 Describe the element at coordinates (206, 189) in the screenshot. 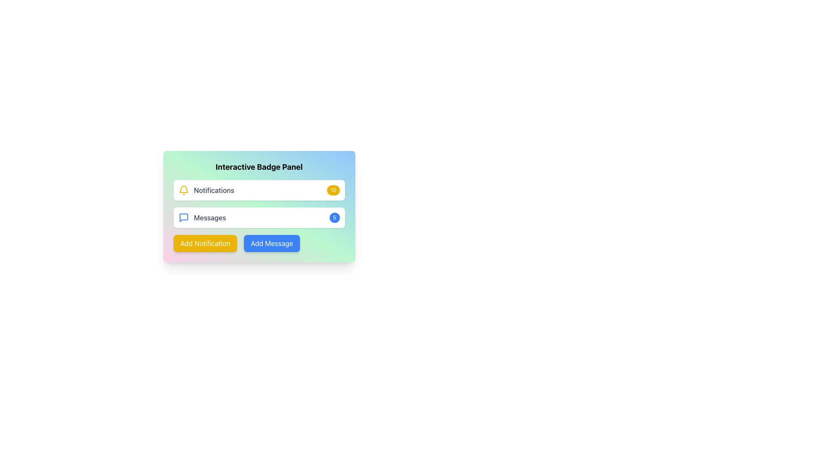

I see `the notification title label that displays a bell icon and the text 'Notifications', located near the top-left area of the main notification header` at that location.